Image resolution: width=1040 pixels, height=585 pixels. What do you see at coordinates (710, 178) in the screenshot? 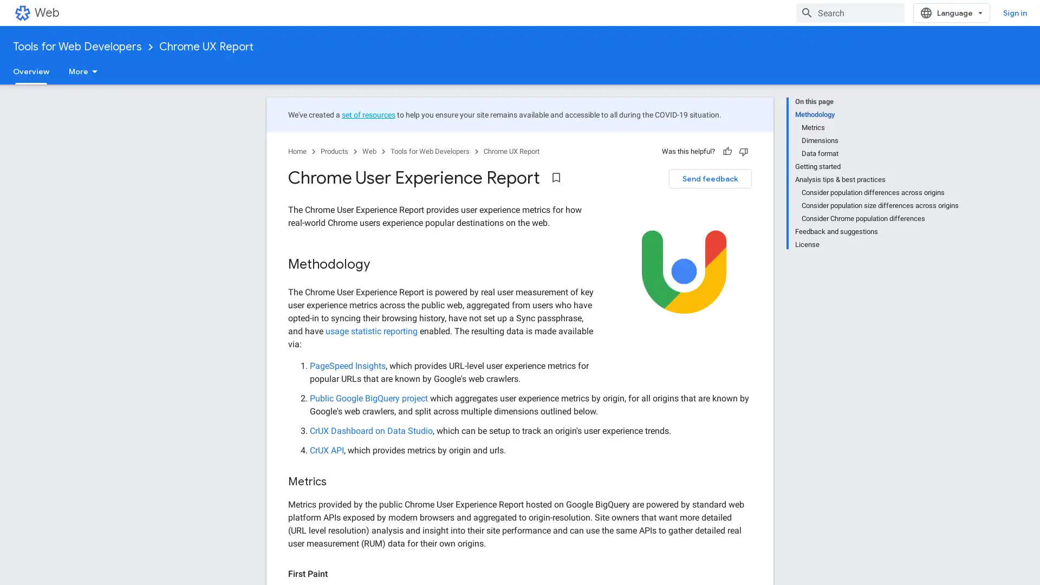
I see `Send feedback` at bounding box center [710, 178].